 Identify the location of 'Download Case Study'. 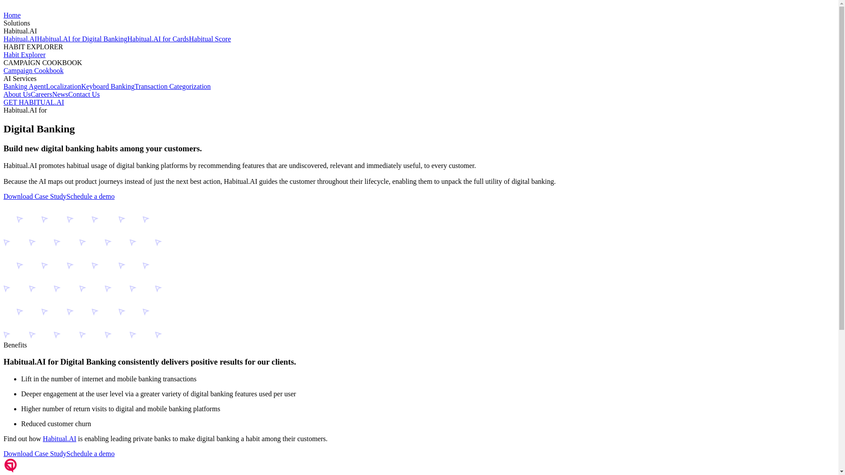
(35, 453).